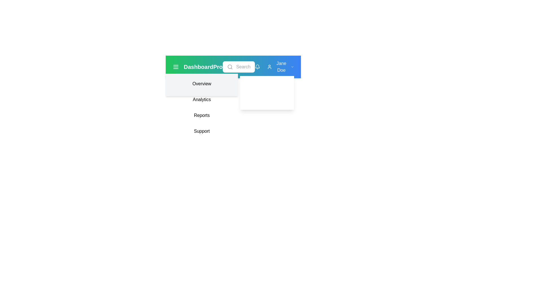  I want to click on the 'Reports' navigation link, which is the third item in the dropdown menu located under the green and blue navigation bar, so click(202, 115).